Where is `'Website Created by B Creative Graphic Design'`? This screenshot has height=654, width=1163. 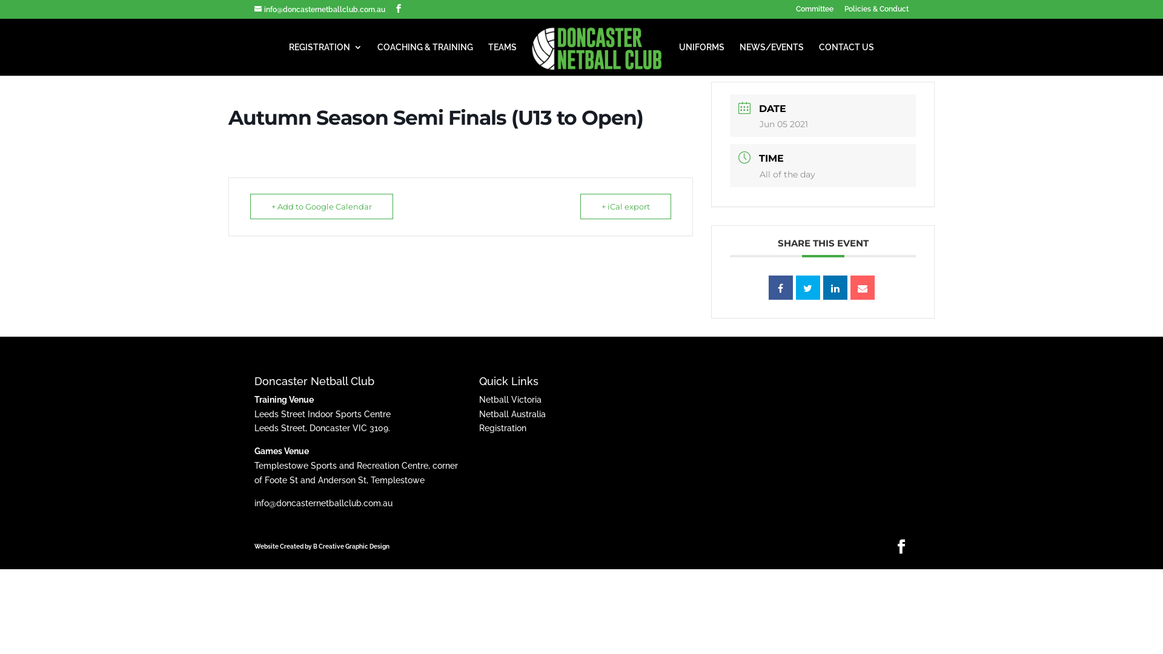
'Website Created by B Creative Graphic Design' is located at coordinates (254, 546).